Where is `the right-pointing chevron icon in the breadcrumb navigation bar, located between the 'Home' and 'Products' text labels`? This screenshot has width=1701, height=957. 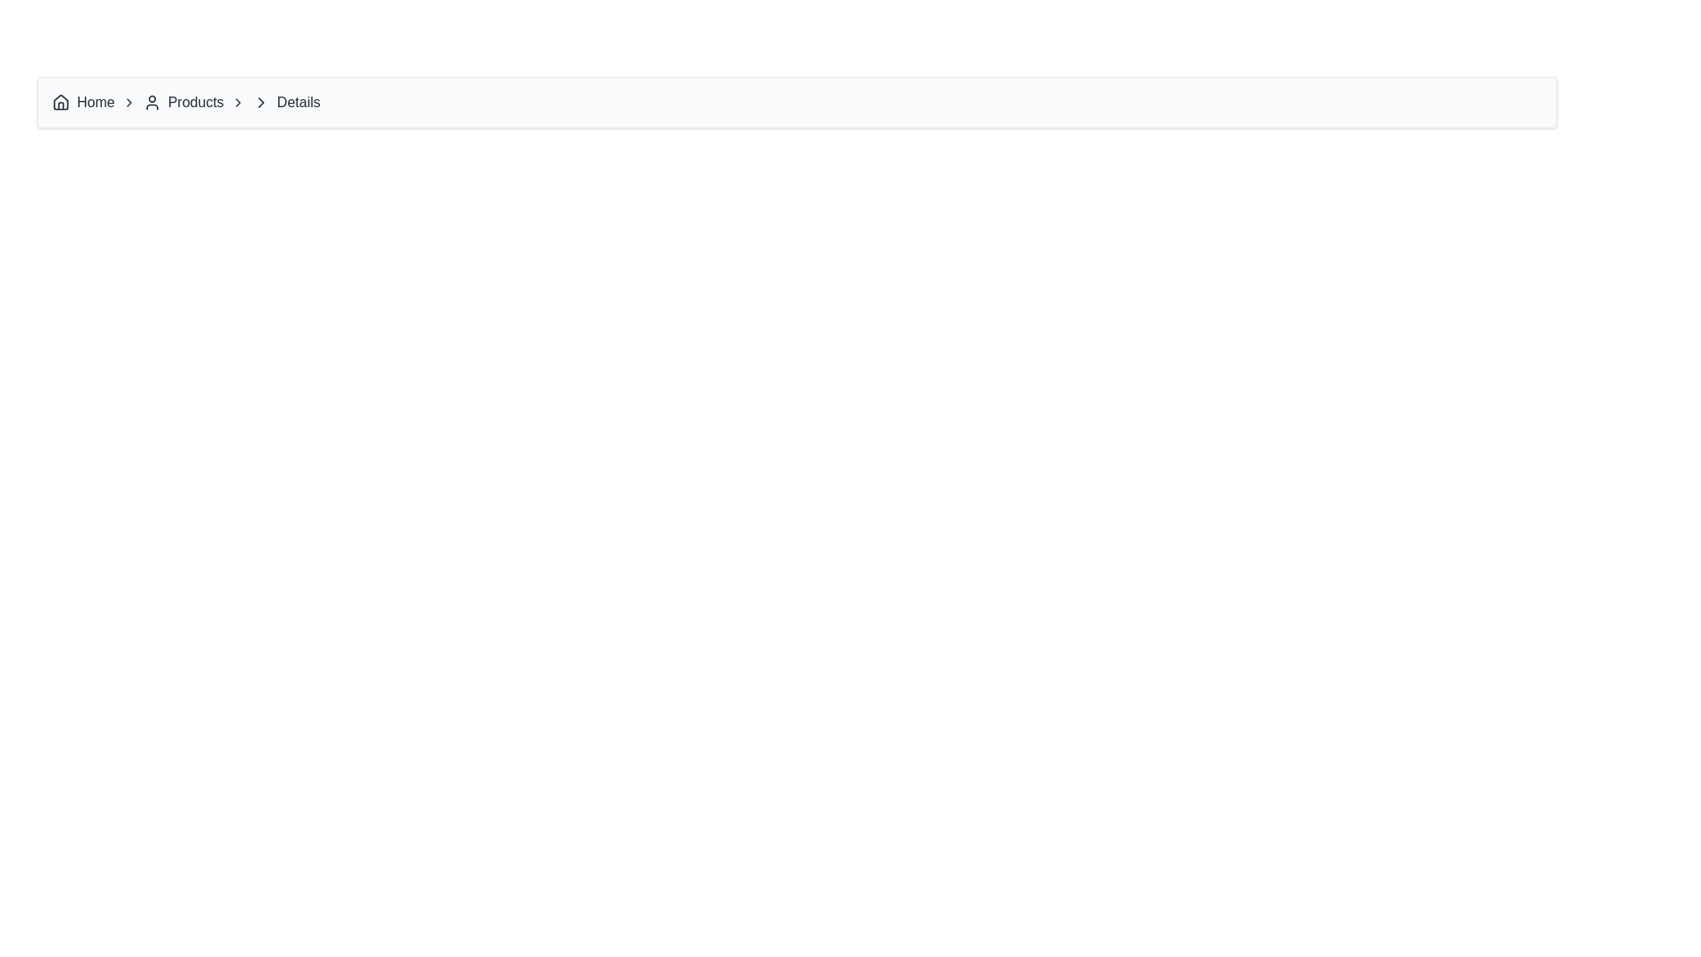 the right-pointing chevron icon in the breadcrumb navigation bar, located between the 'Home' and 'Products' text labels is located at coordinates (128, 102).